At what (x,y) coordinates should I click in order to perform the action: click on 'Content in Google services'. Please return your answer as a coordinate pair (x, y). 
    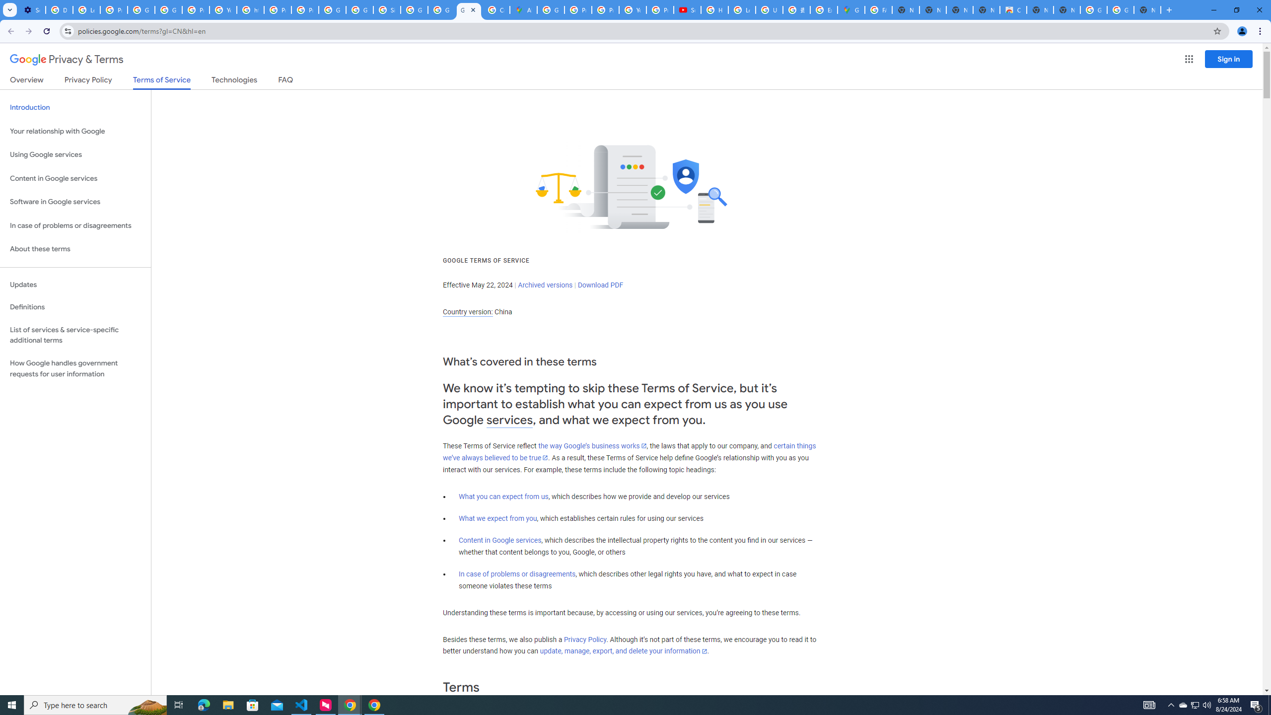
    Looking at the image, I should click on (499, 540).